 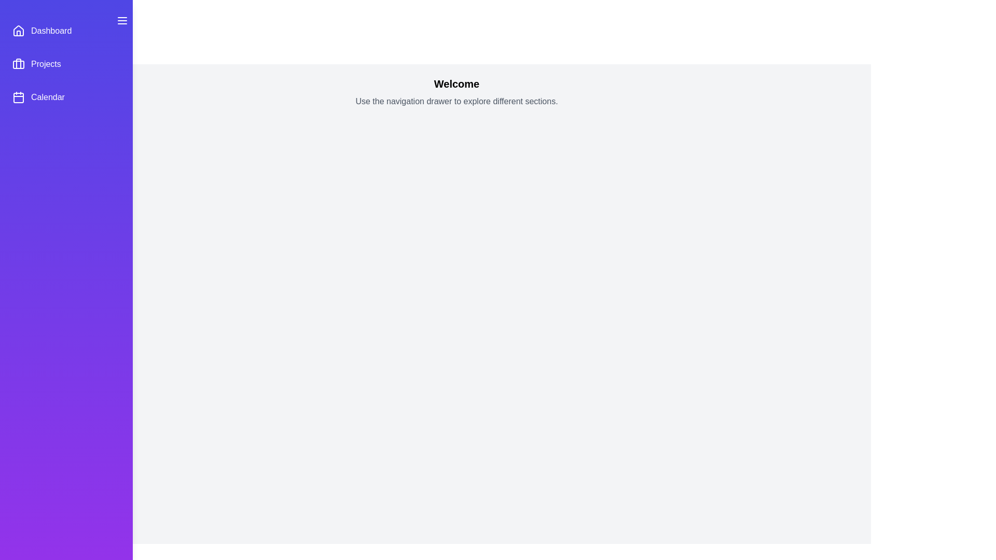 I want to click on the menu item Projects from the drawer menu, so click(x=66, y=64).